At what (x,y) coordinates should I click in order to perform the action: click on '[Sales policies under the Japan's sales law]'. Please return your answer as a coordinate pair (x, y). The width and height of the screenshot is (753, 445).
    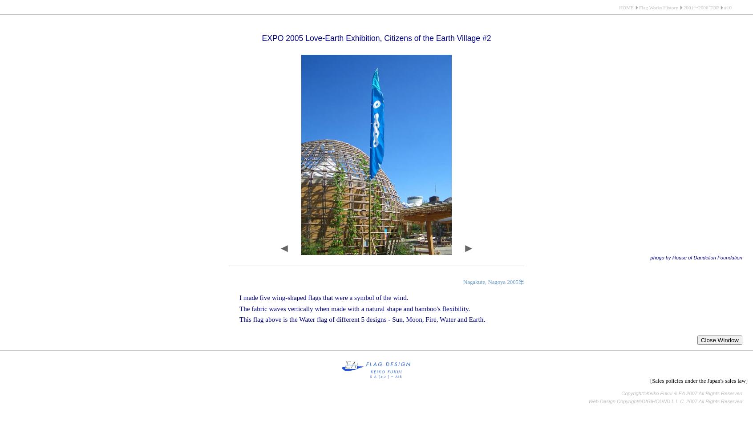
    Looking at the image, I should click on (698, 380).